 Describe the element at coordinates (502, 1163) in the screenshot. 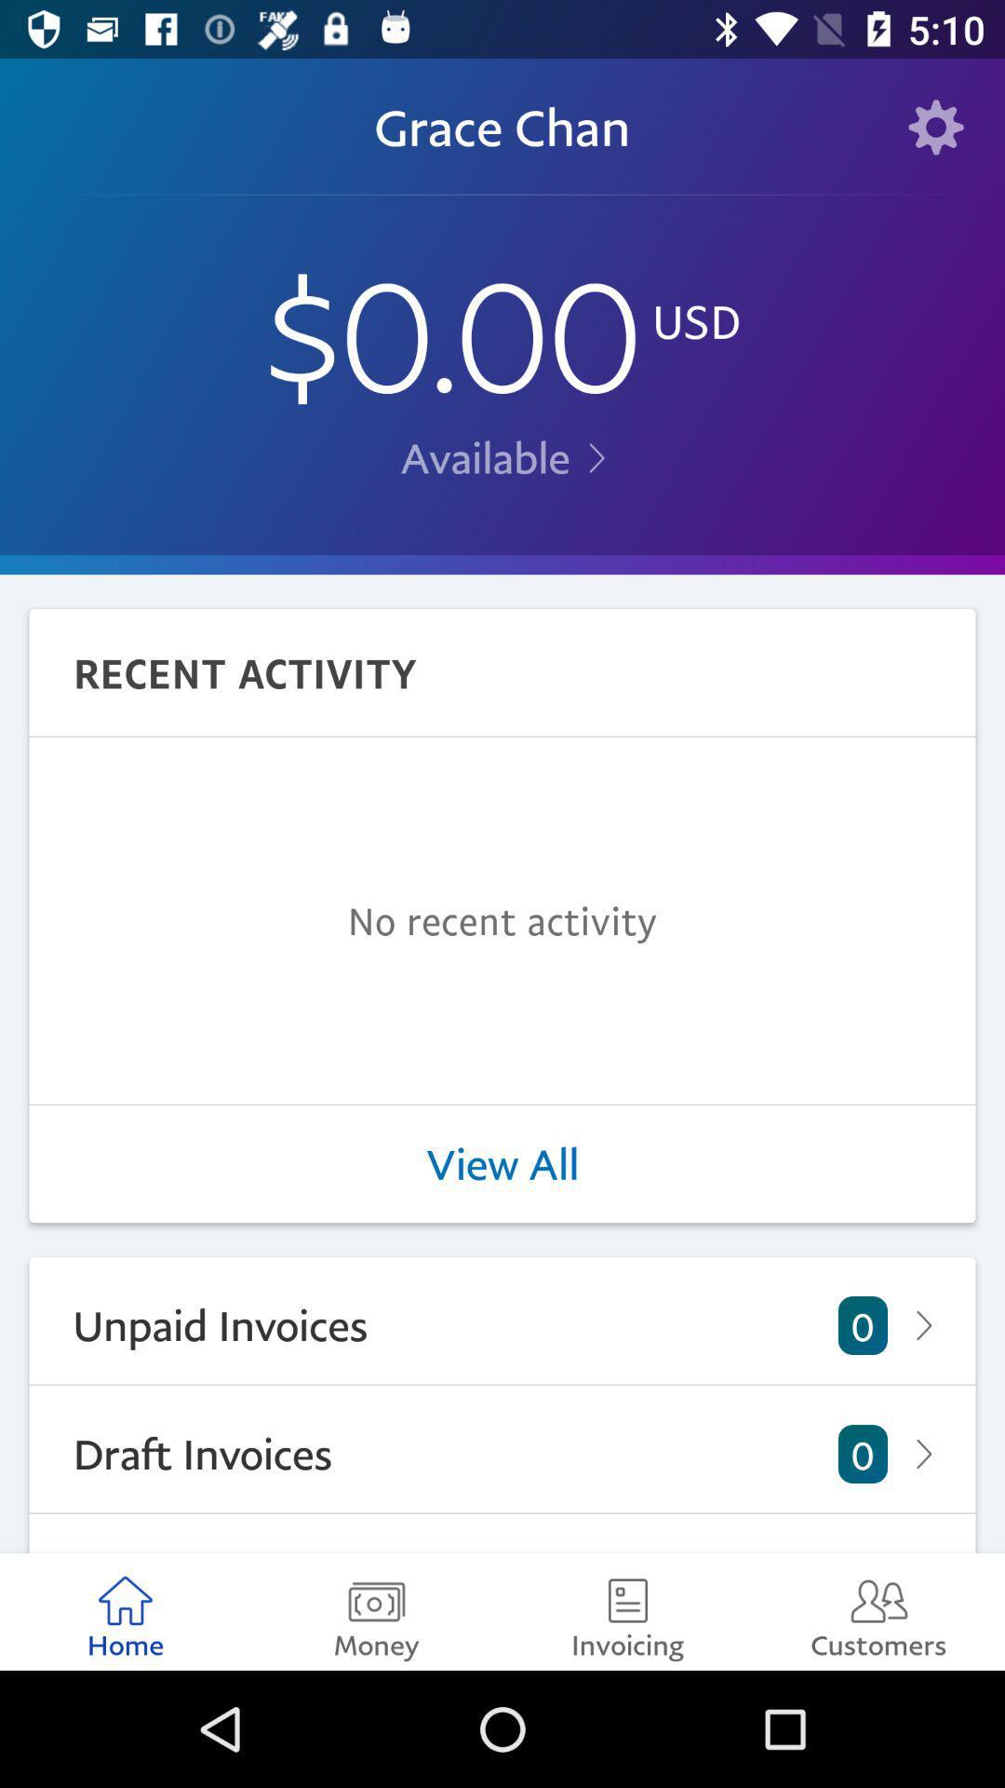

I see `the view all item` at that location.